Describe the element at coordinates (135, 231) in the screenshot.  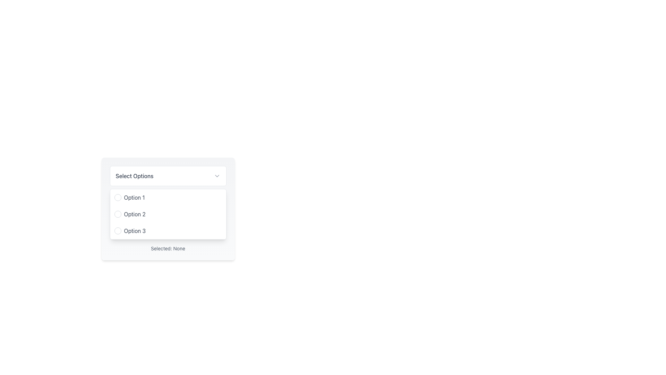
I see `the text label for the third selectable option in the dropdown list, which is located beneath 'Option 1' and 'Option 2', and aligned to the right of the radio button` at that location.